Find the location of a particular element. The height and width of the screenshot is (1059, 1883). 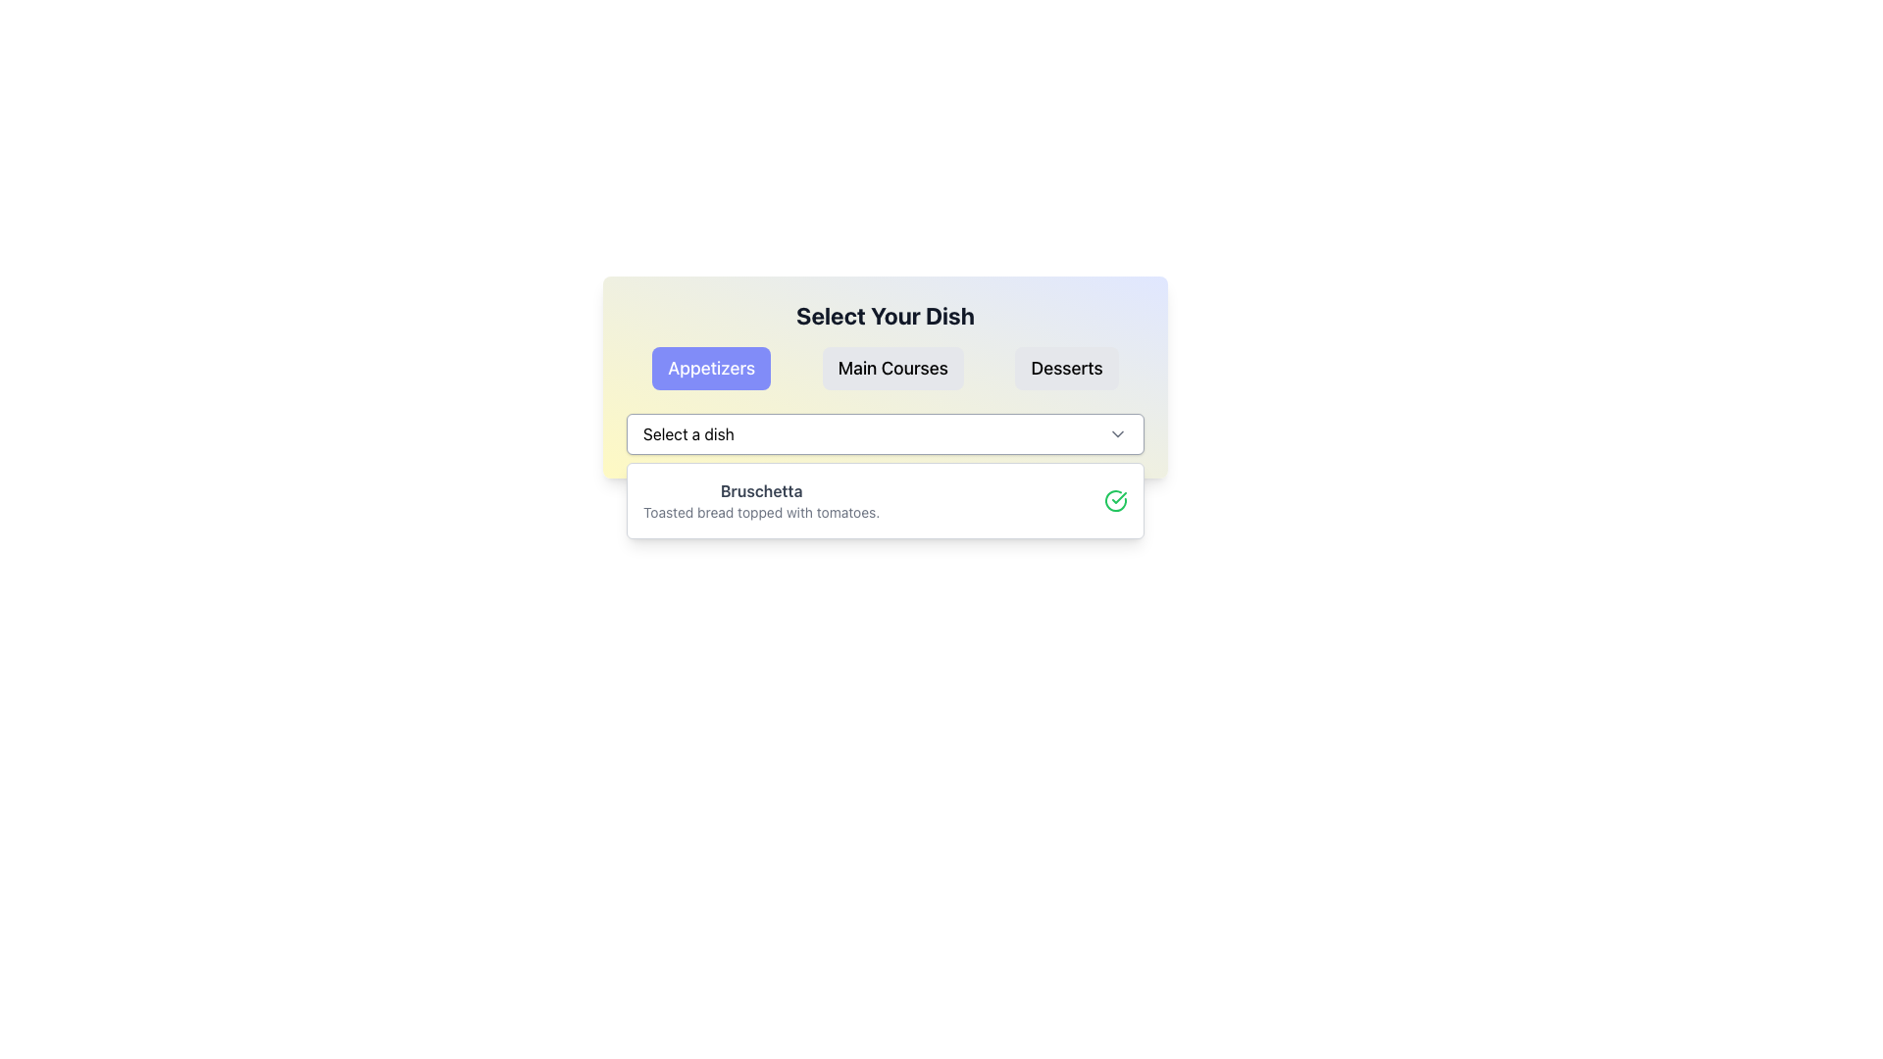

the text label 'Bruschetta' which is the first entry in the 'Appetizers' tab of the menu selection UI, styled with a serif font in gray shades is located at coordinates (760, 499).